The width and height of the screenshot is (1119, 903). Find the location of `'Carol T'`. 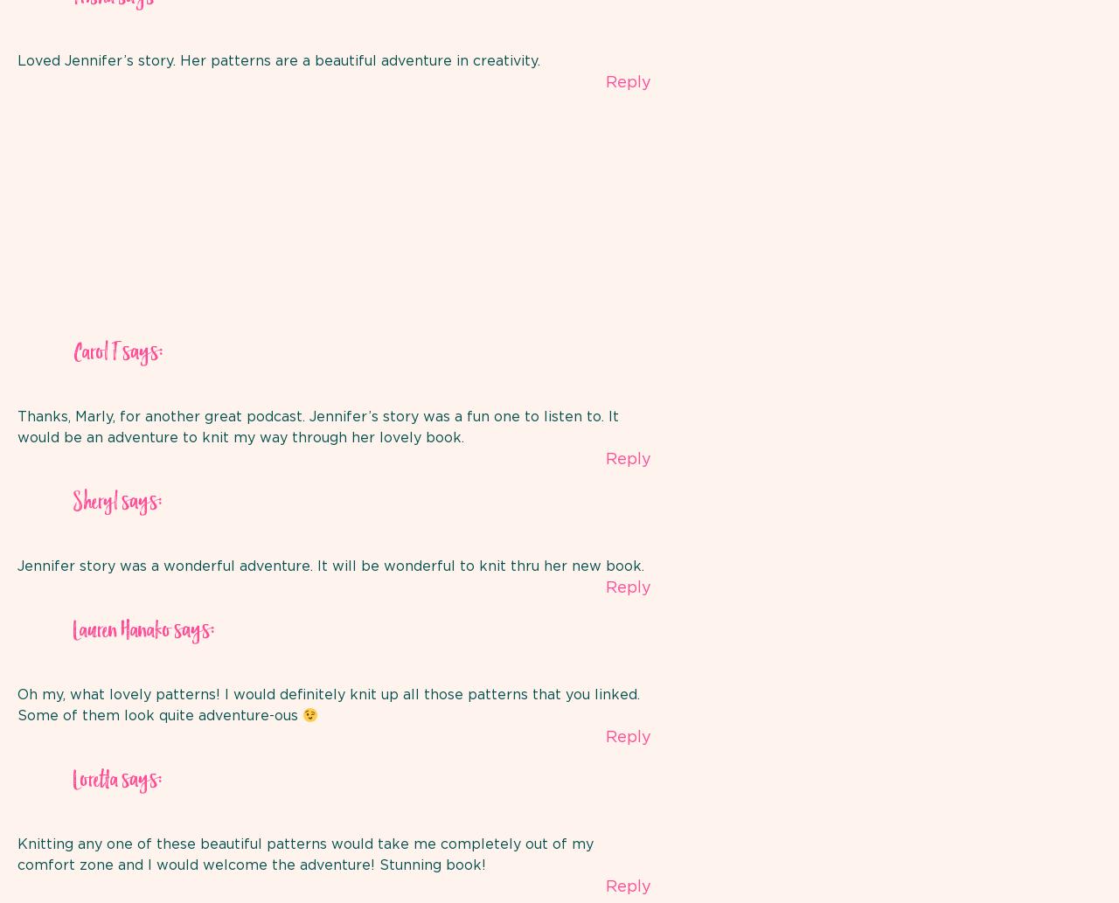

'Carol T' is located at coordinates (94, 353).